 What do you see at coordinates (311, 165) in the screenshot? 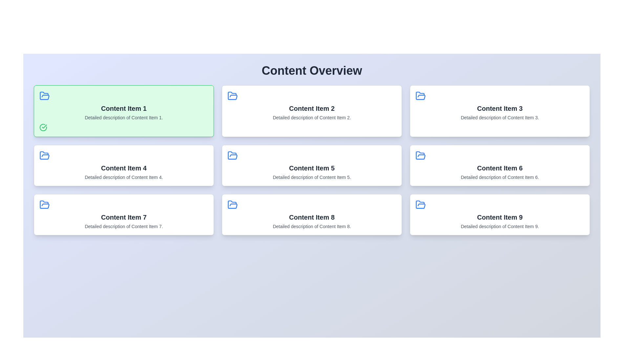
I see `the card representing 'Content Item 5', which is the fifth card in a 3x3 grid layout, located in the middle row, center column` at bounding box center [311, 165].